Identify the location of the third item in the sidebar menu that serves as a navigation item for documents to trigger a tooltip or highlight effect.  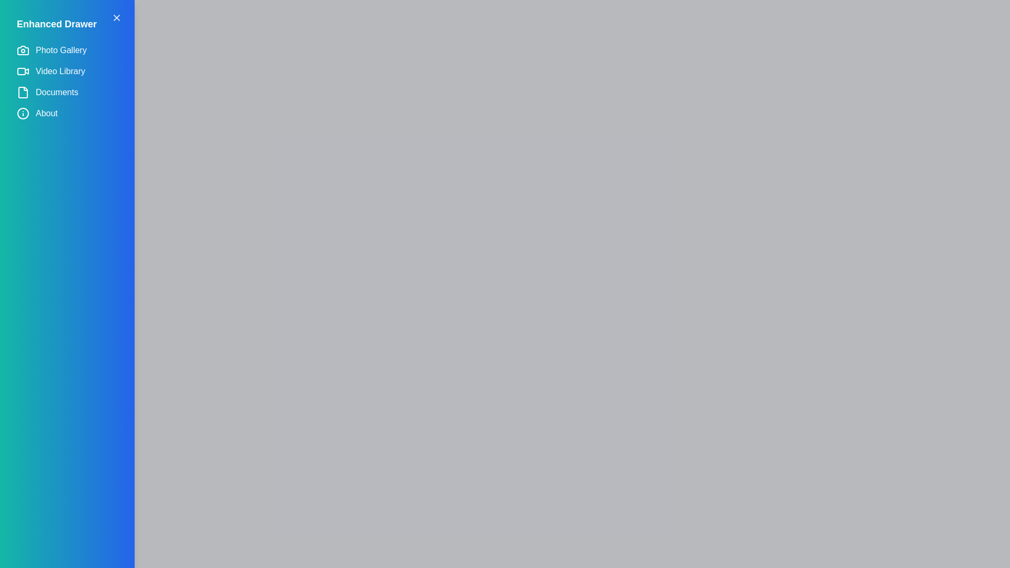
(67, 92).